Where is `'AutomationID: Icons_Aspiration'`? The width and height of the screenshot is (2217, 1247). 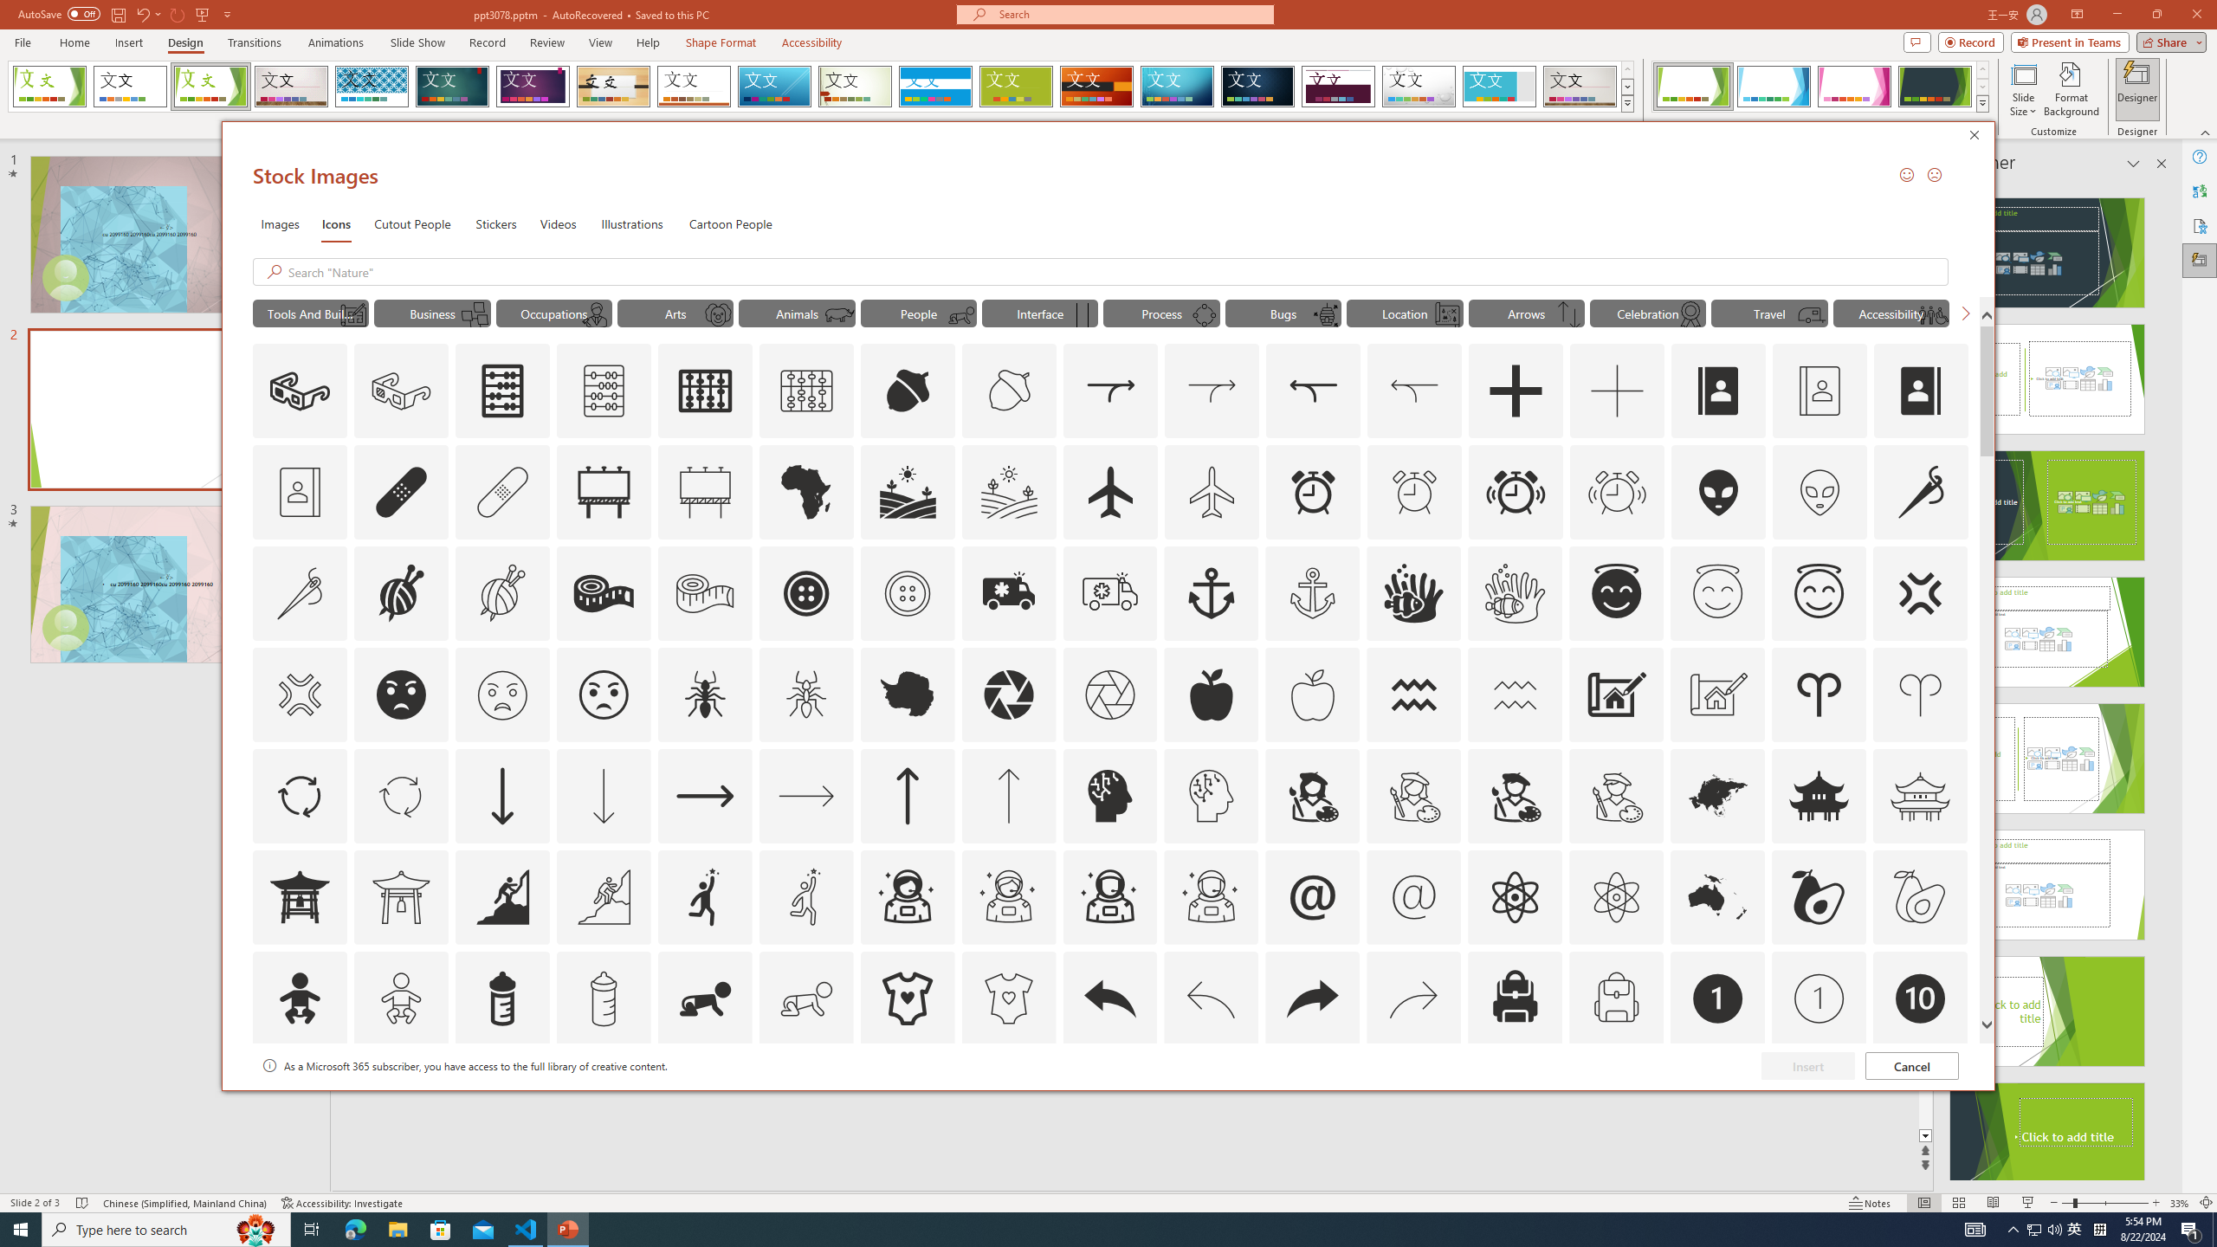 'AutomationID: Icons_Aspiration' is located at coordinates (501, 895).